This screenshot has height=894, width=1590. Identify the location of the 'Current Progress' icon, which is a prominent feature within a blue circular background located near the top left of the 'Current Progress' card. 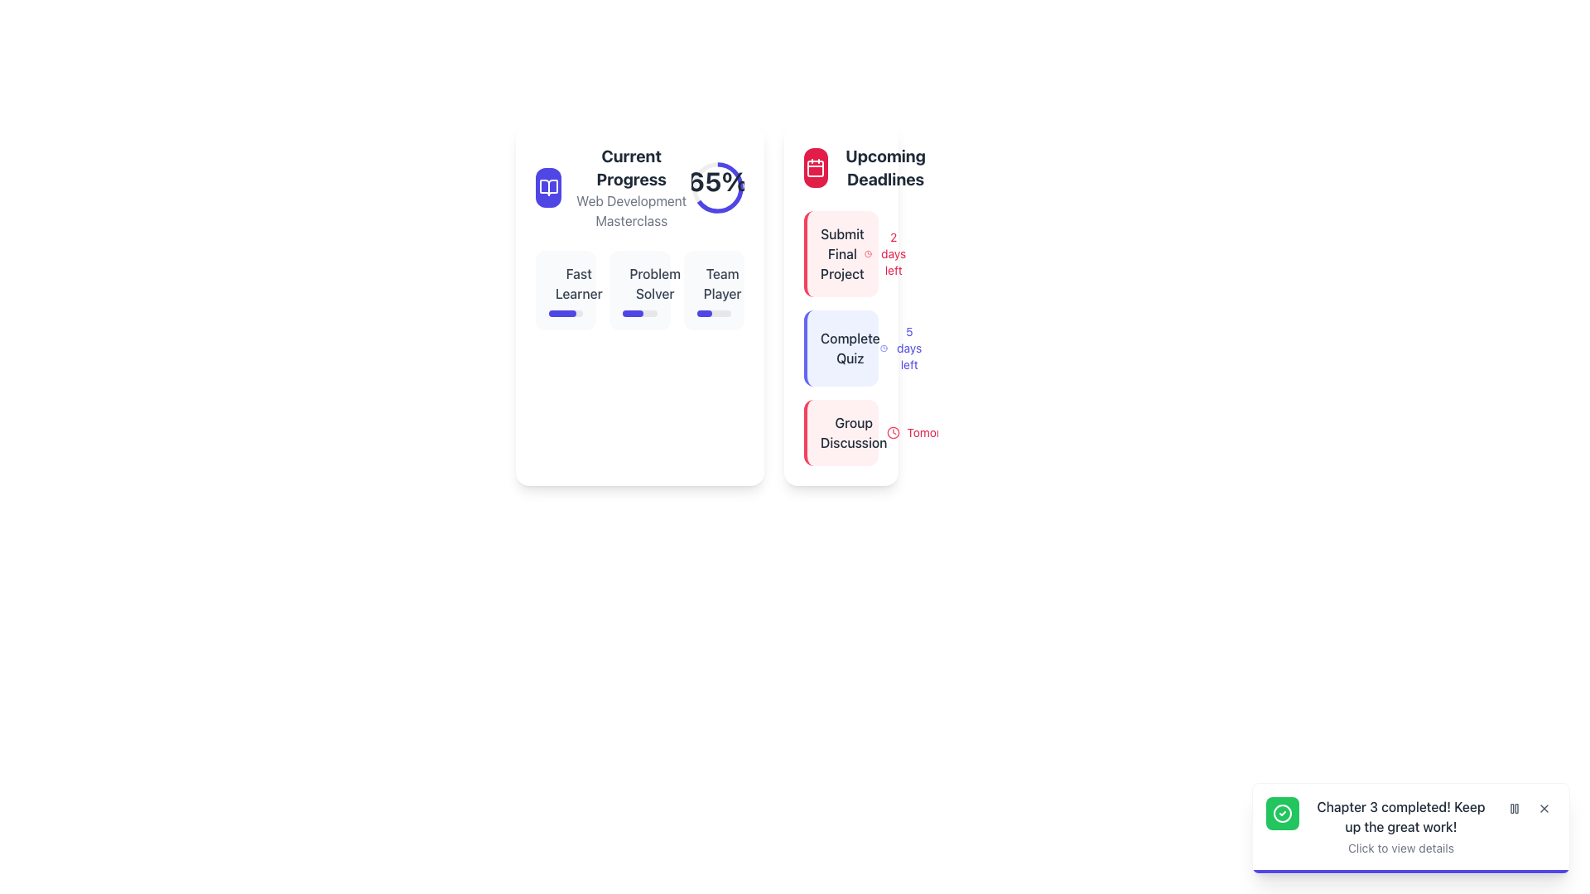
(548, 187).